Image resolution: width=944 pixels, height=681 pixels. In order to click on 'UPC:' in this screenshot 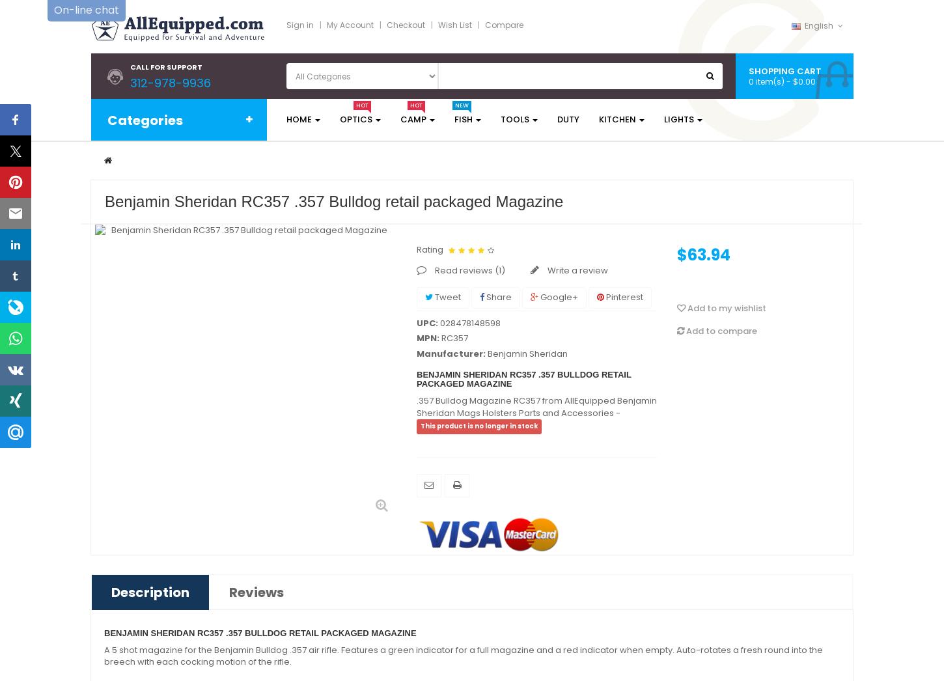, I will do `click(426, 322)`.